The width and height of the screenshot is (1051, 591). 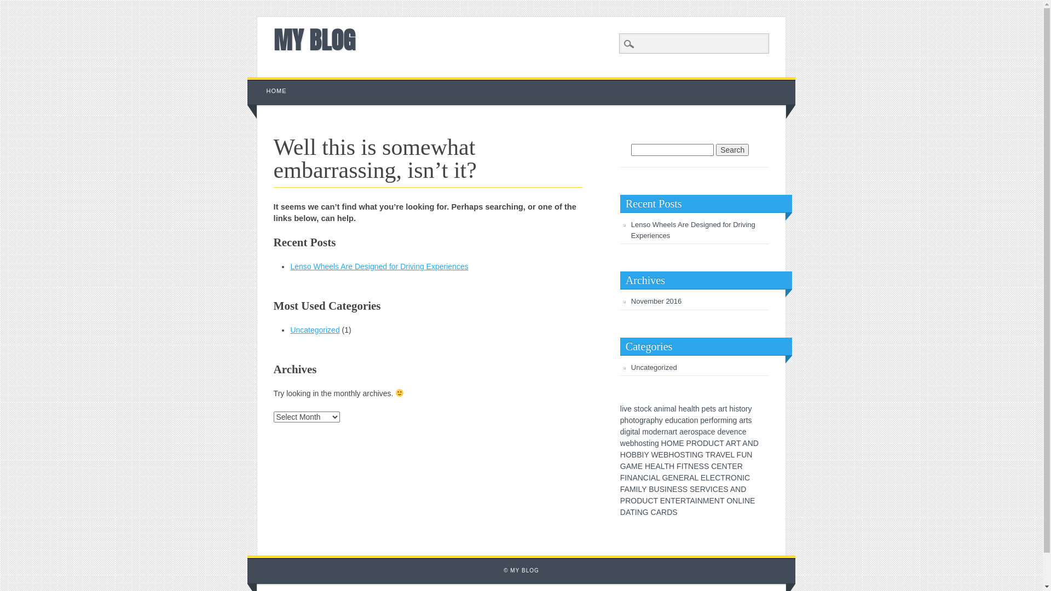 I want to click on 'T', so click(x=720, y=500).